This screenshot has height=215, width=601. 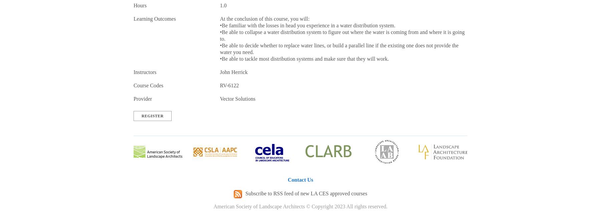 I want to click on 'Contact Us', so click(x=300, y=180).